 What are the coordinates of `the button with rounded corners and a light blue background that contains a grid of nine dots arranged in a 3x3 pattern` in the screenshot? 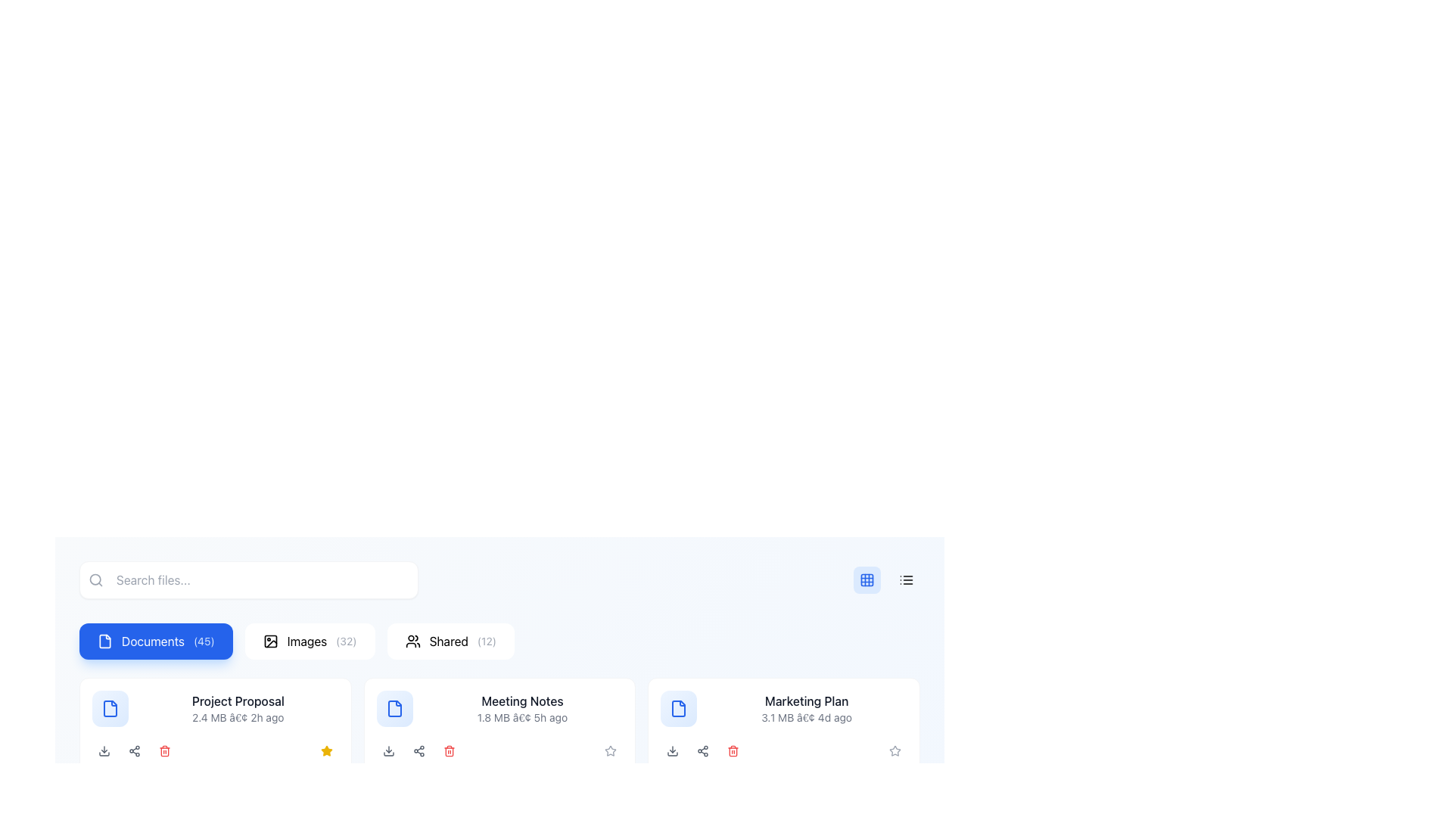 It's located at (867, 579).